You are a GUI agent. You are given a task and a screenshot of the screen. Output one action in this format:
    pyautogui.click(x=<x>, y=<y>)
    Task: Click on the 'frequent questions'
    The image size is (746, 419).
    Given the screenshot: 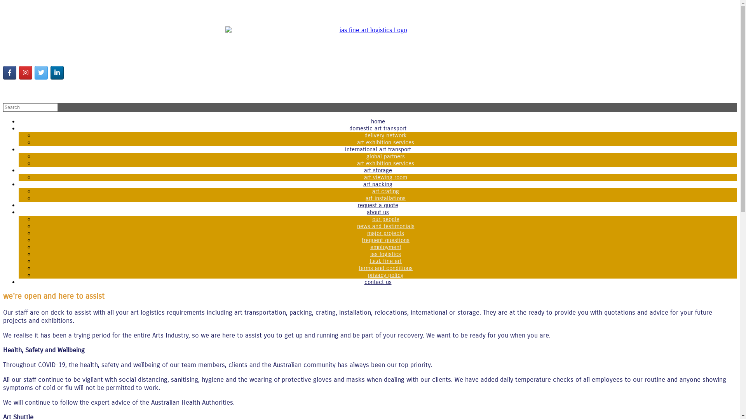 What is the action you would take?
    pyautogui.click(x=385, y=239)
    